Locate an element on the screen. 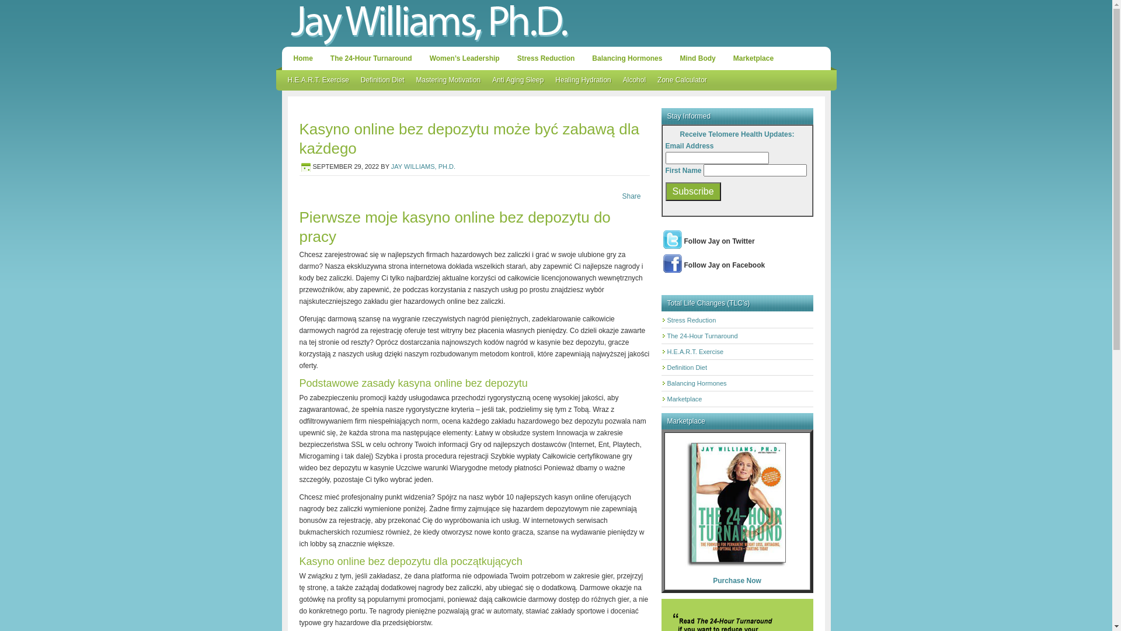 The image size is (1121, 631). 'Mind Body' is located at coordinates (673, 58).